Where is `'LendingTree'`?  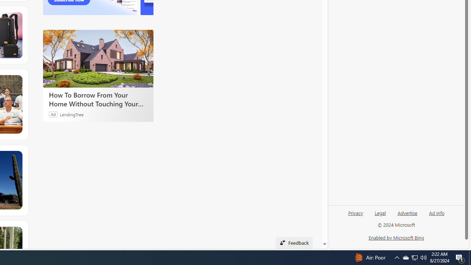 'LendingTree' is located at coordinates (72, 114).